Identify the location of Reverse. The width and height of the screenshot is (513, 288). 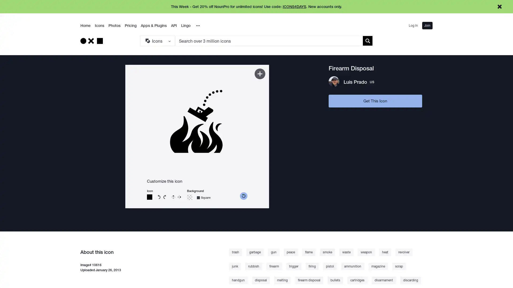
(179, 197).